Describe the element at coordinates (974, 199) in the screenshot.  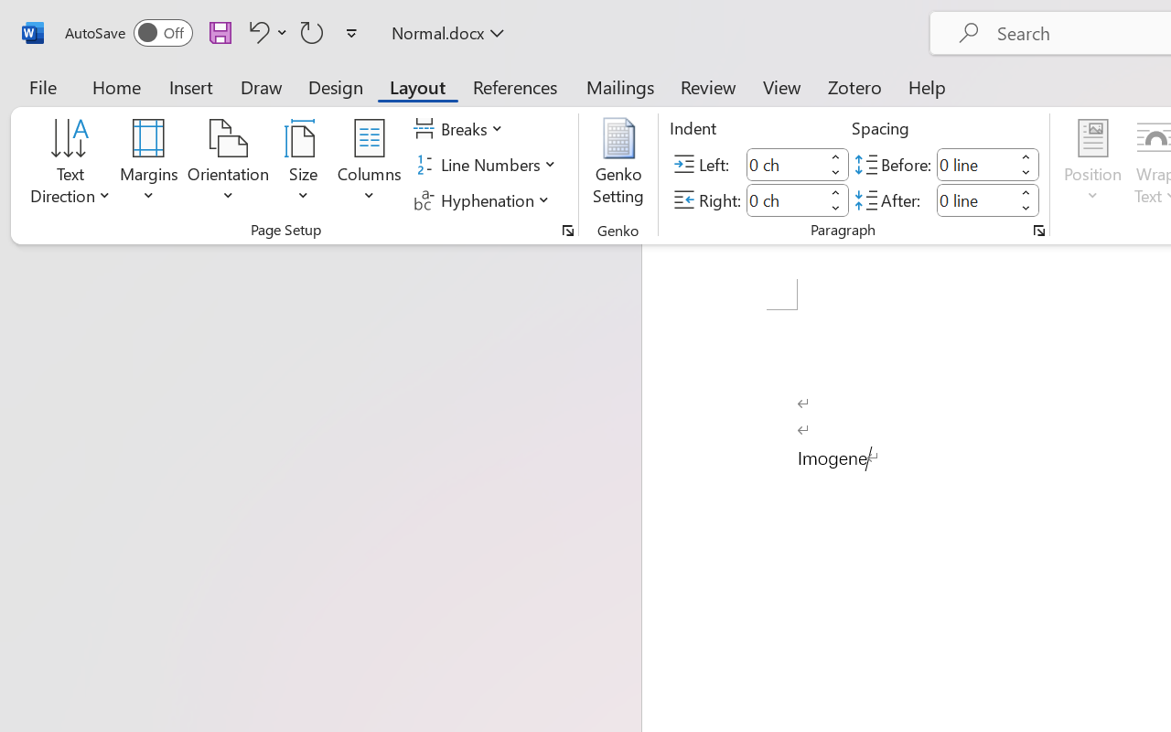
I see `'Spacing After'` at that location.